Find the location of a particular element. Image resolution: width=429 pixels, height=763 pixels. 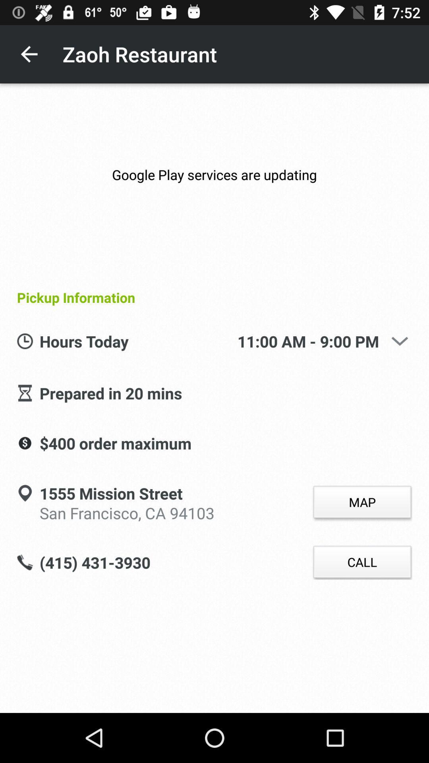

app to the left of the zaoh restaurant app is located at coordinates (29, 54).